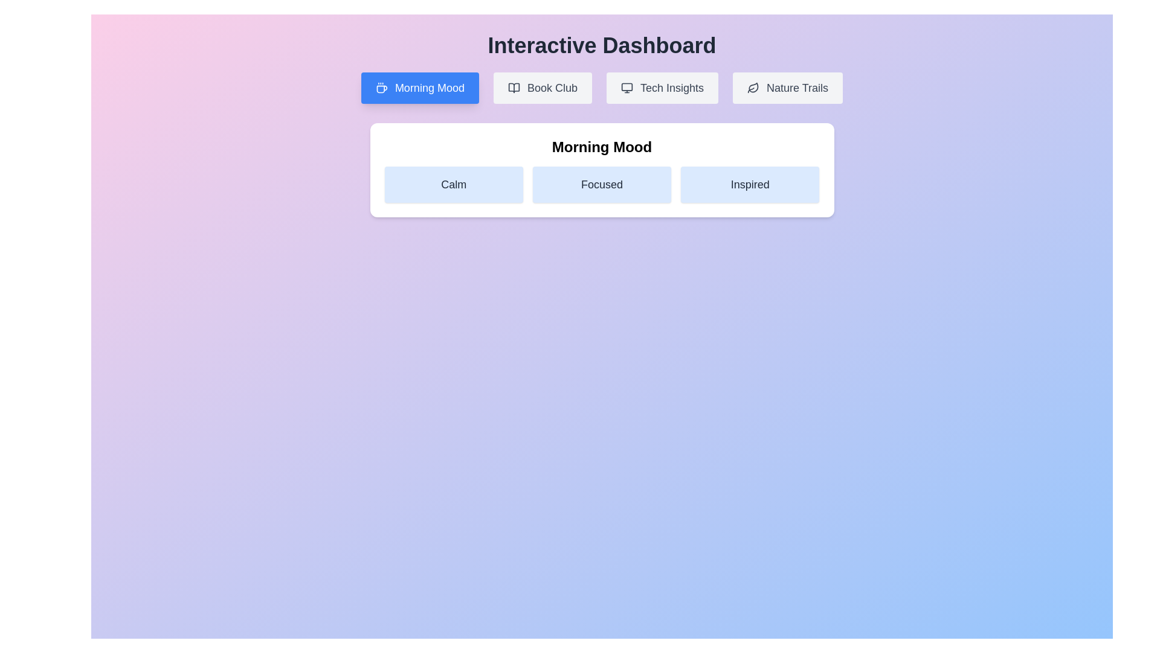 The height and width of the screenshot is (652, 1160). What do you see at coordinates (602, 184) in the screenshot?
I see `the 'Focused' button, which is the second button in the group under the 'Morning Mood' heading, characterized by its light blue background and dark gray text` at bounding box center [602, 184].